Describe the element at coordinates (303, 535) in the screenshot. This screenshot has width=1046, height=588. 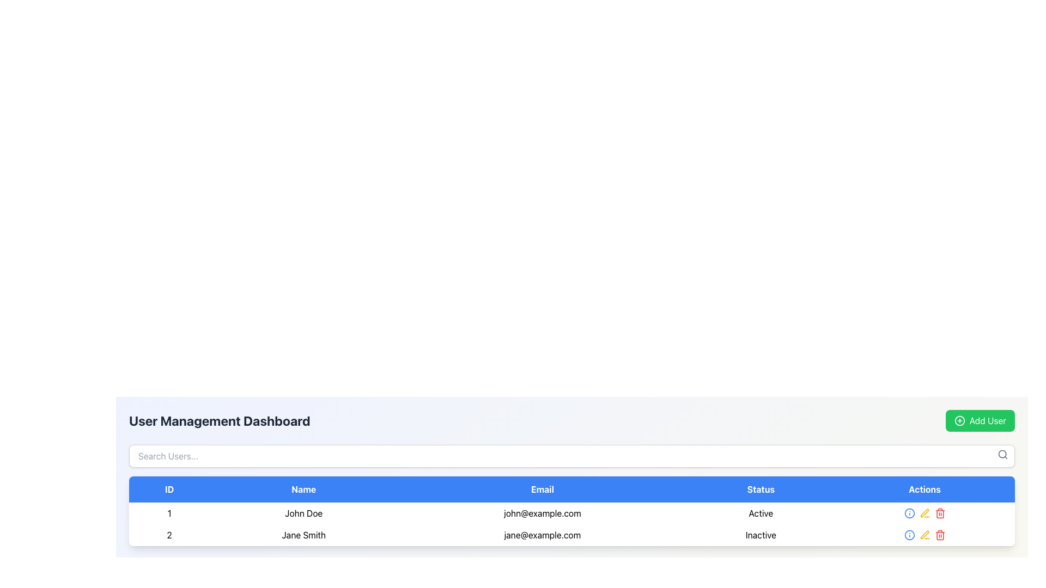
I see `the text display field that shows 'Jane Smith', located in the second row under the 'Name' column of a table, styled with padding classes 'py-2 px-4'` at that location.